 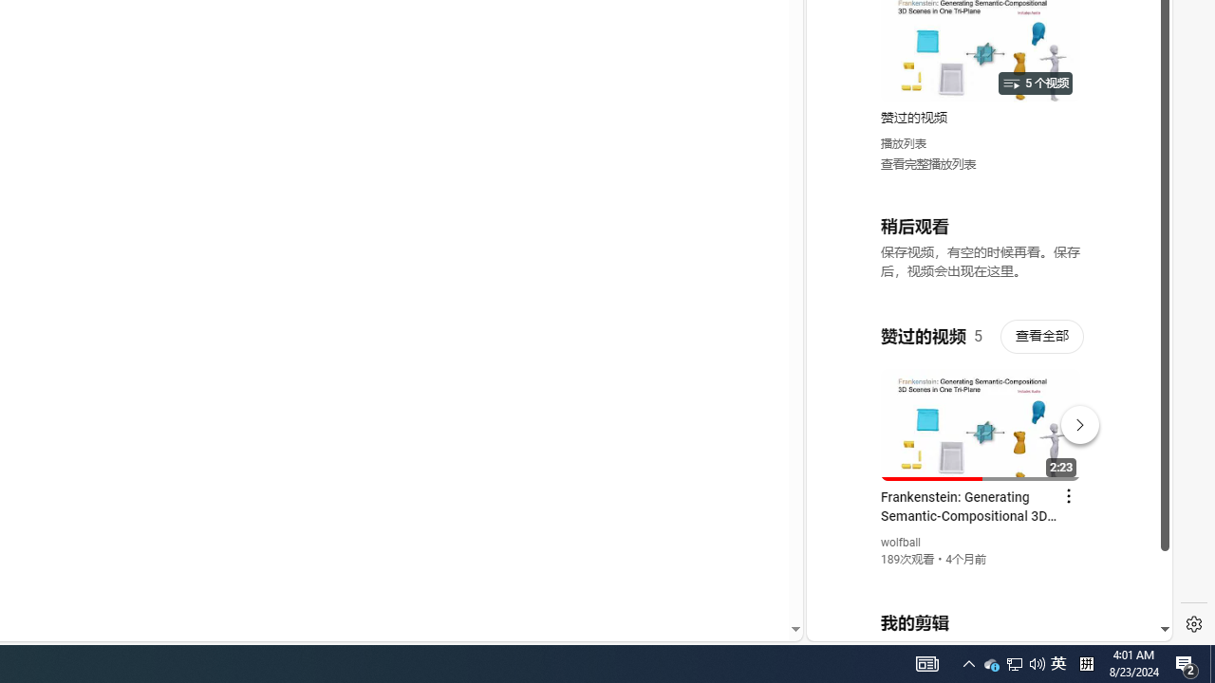 What do you see at coordinates (900, 543) in the screenshot?
I see `'wolfball'` at bounding box center [900, 543].